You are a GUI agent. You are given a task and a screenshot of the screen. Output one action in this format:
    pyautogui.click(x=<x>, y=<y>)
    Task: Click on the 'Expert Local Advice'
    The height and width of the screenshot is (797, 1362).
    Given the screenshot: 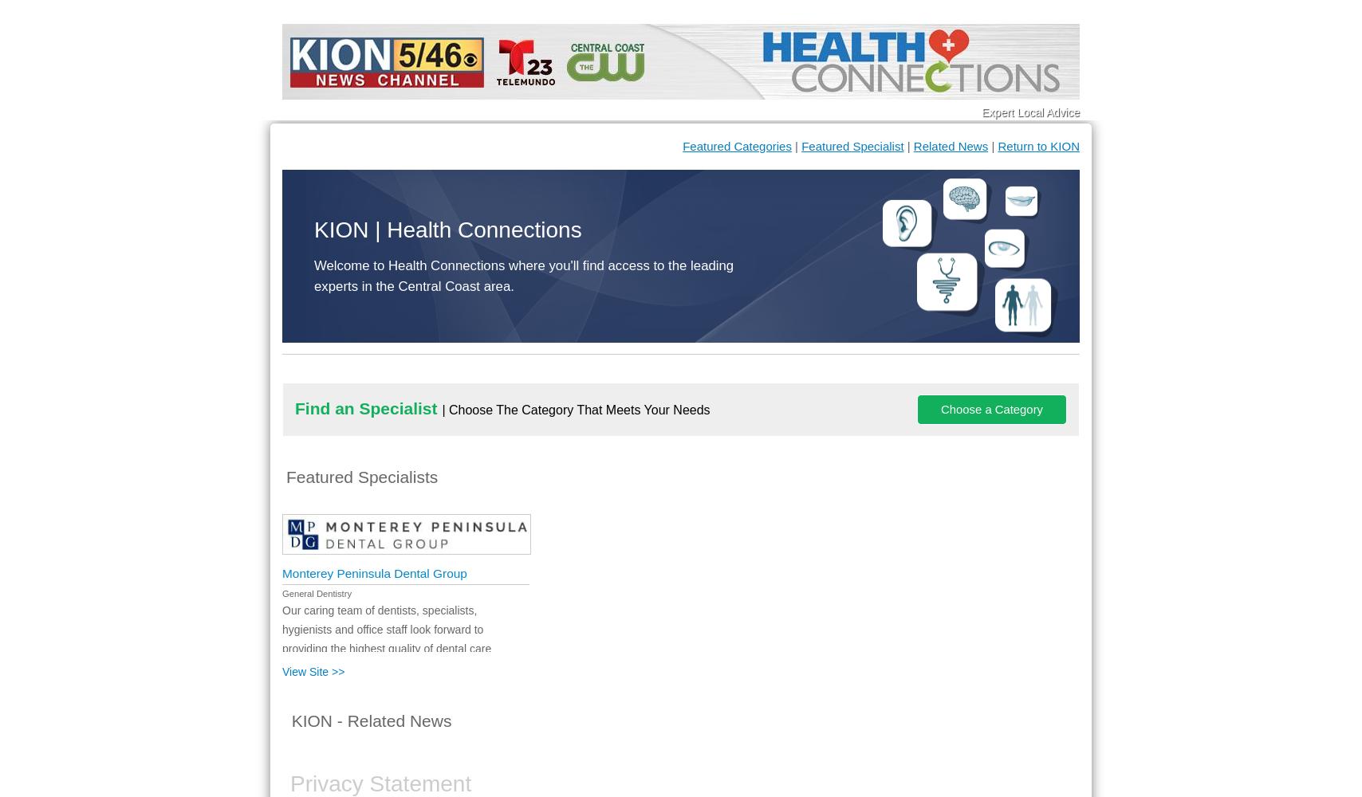 What is the action you would take?
    pyautogui.click(x=1030, y=112)
    